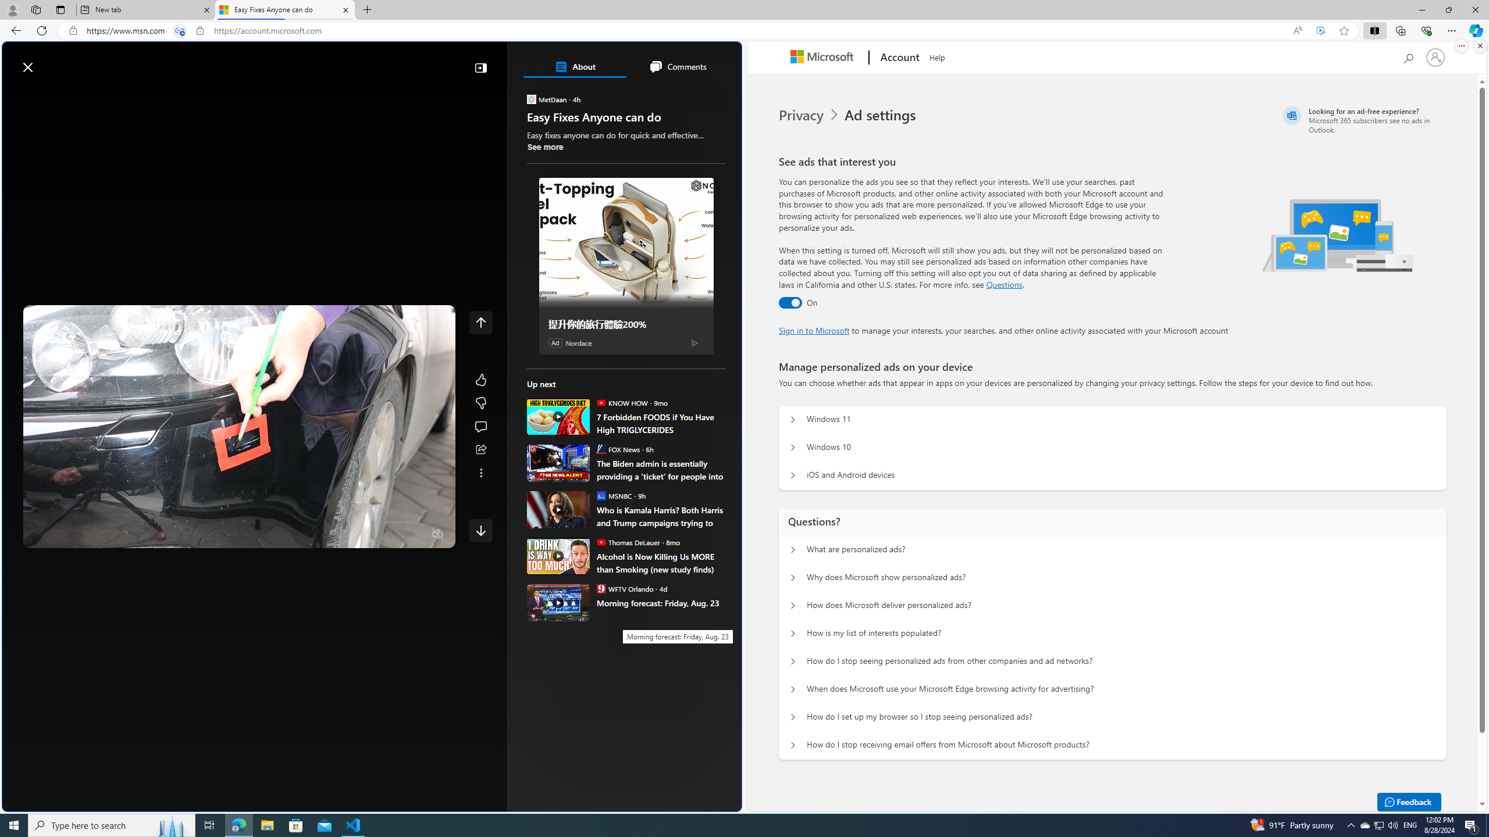  Describe the element at coordinates (16, 94) in the screenshot. I see `'Open navigation menu'` at that location.